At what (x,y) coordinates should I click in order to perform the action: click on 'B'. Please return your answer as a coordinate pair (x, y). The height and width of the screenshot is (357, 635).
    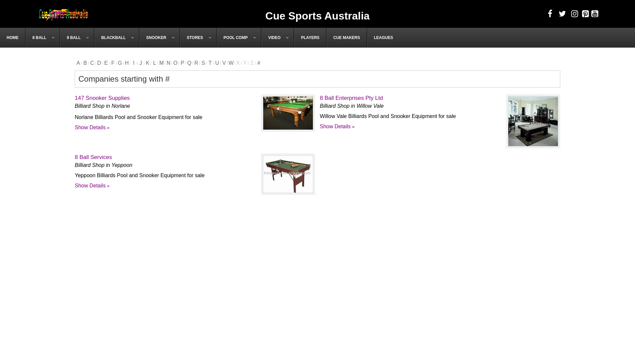
    Looking at the image, I should click on (85, 63).